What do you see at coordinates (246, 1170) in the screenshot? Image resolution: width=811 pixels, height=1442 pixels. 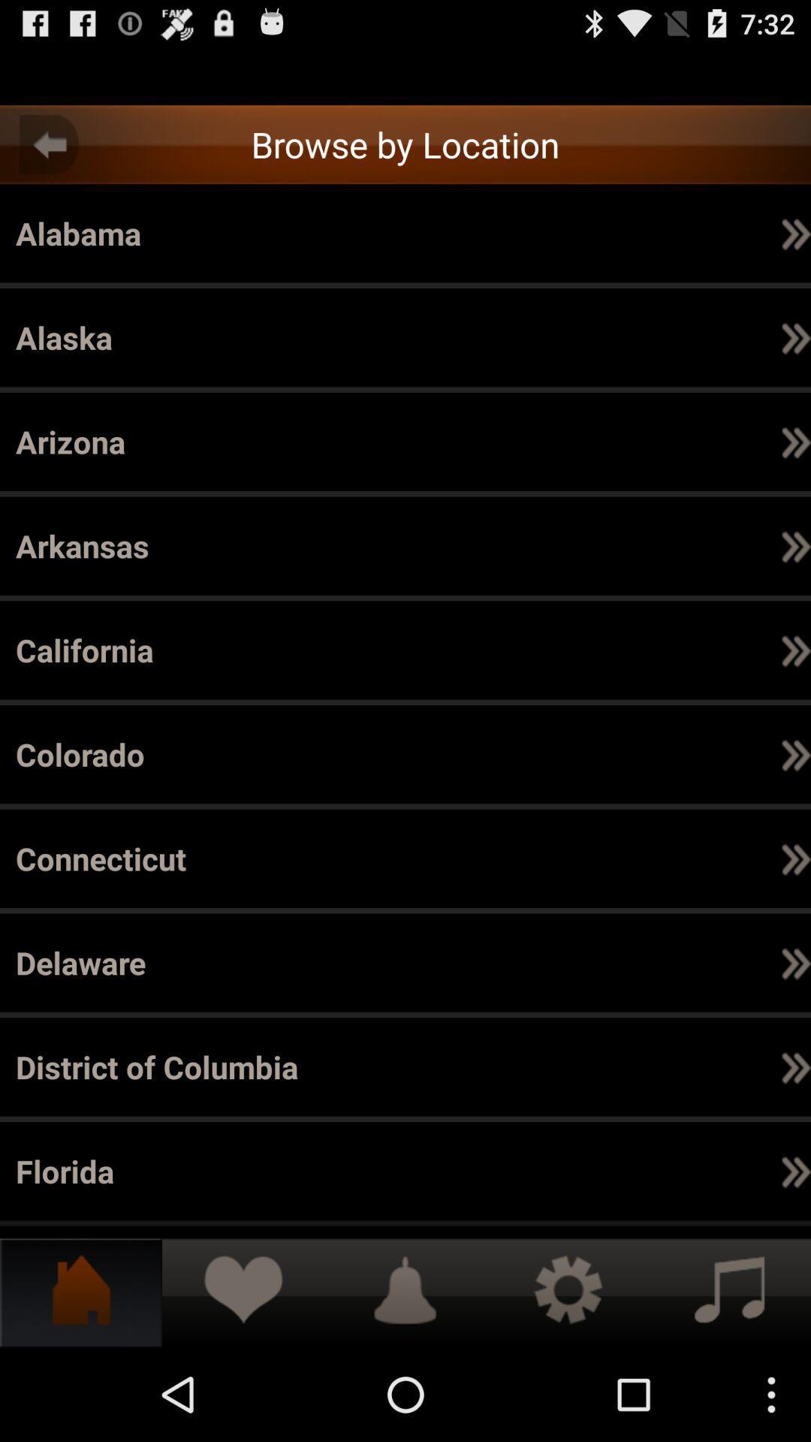 I see `the item above   glenn` at bounding box center [246, 1170].